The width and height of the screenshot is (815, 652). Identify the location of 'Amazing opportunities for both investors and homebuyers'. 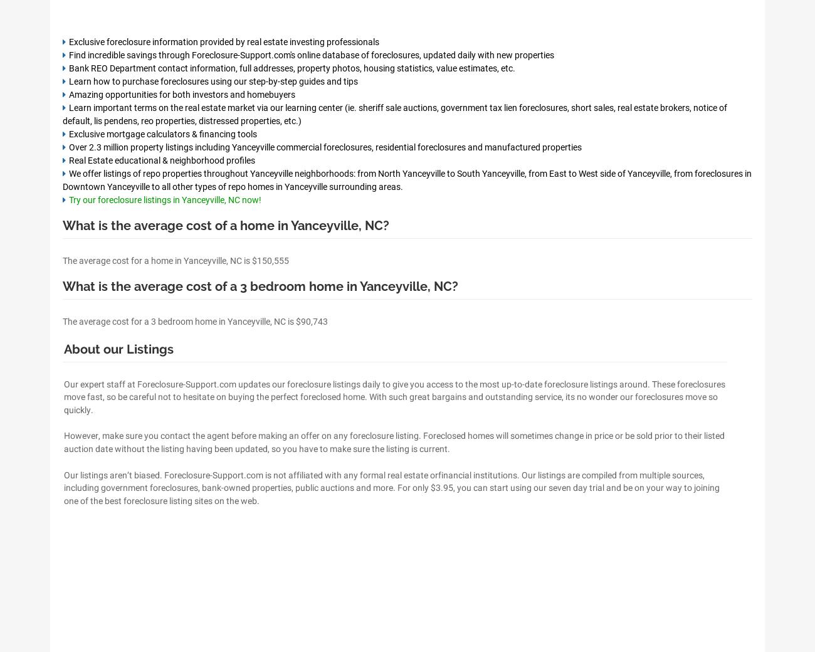
(182, 93).